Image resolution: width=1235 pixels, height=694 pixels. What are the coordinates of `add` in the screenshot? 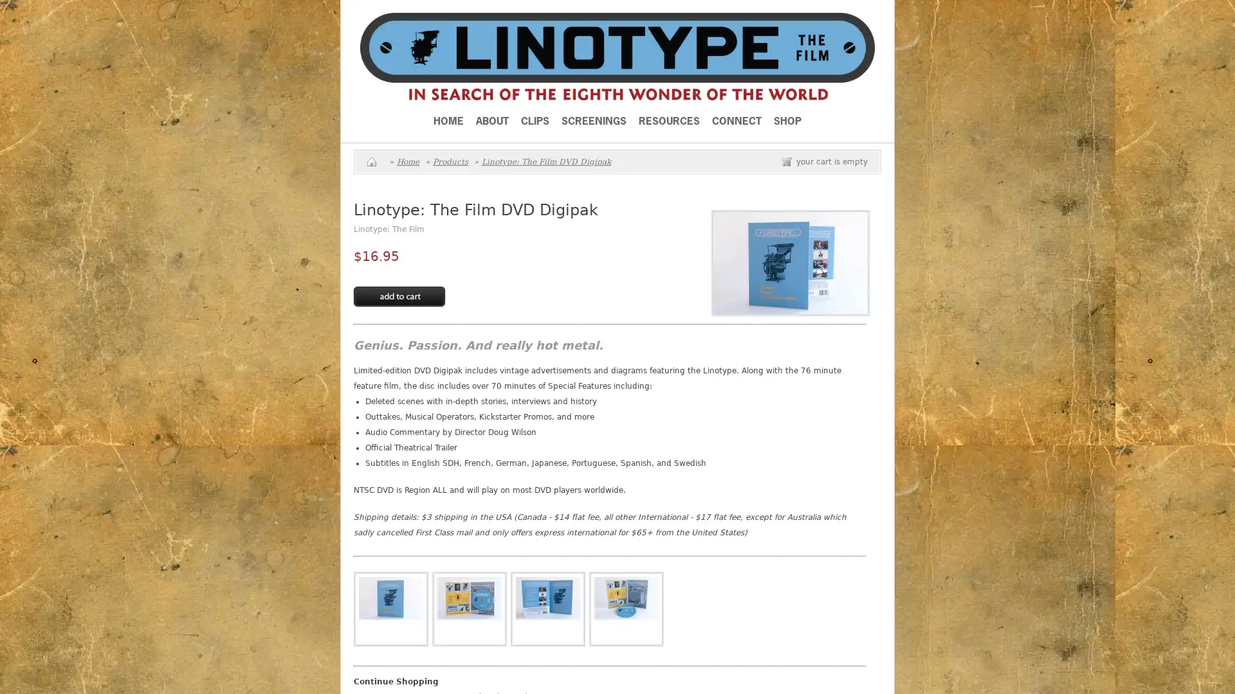 It's located at (398, 297).